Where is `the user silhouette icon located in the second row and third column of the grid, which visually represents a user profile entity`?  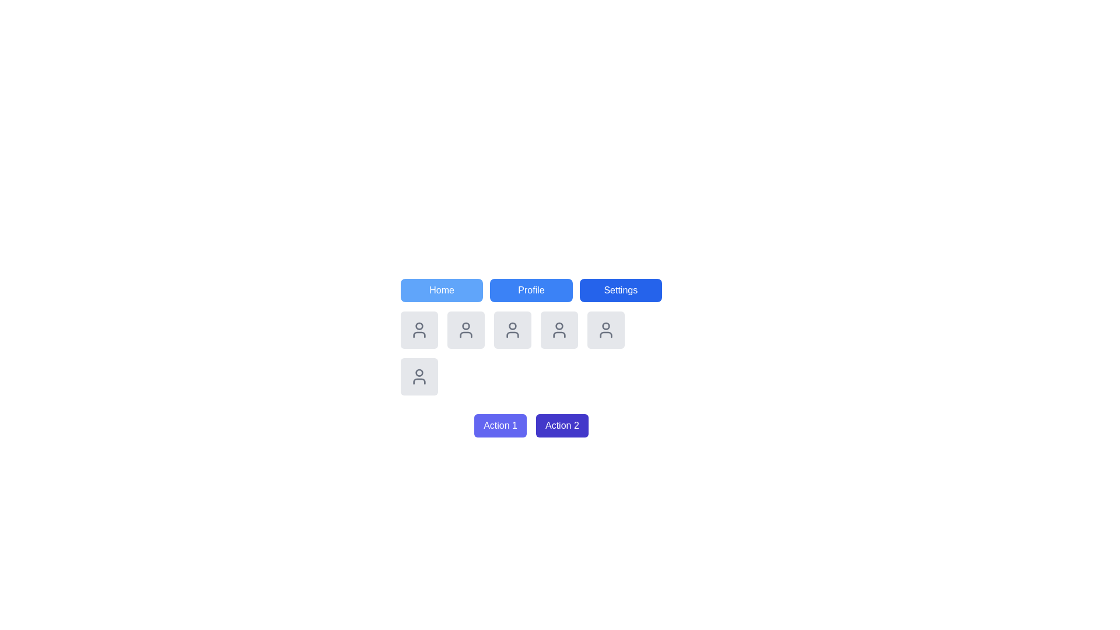 the user silhouette icon located in the second row and third column of the grid, which visually represents a user profile entity is located at coordinates (559, 330).